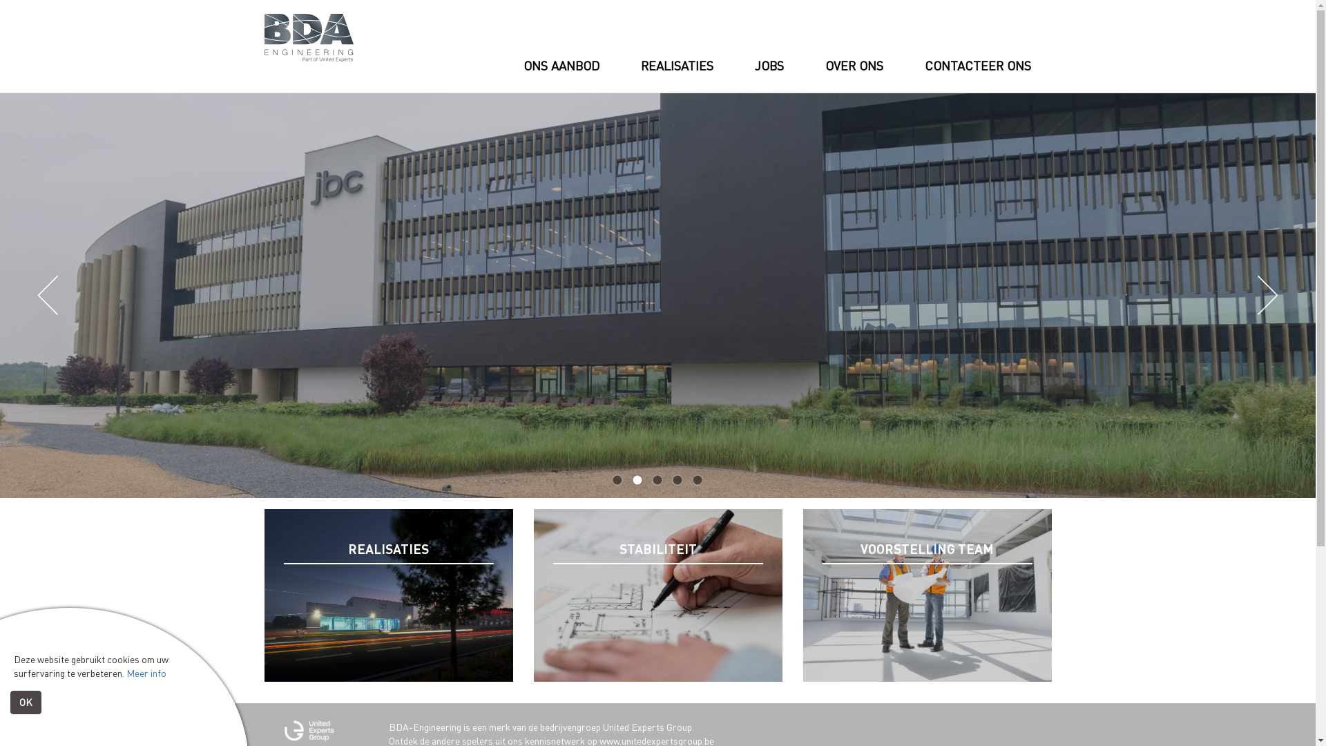 Image resolution: width=1326 pixels, height=746 pixels. Describe the element at coordinates (927, 594) in the screenshot. I see `'VOORSTELLING TEAM'` at that location.